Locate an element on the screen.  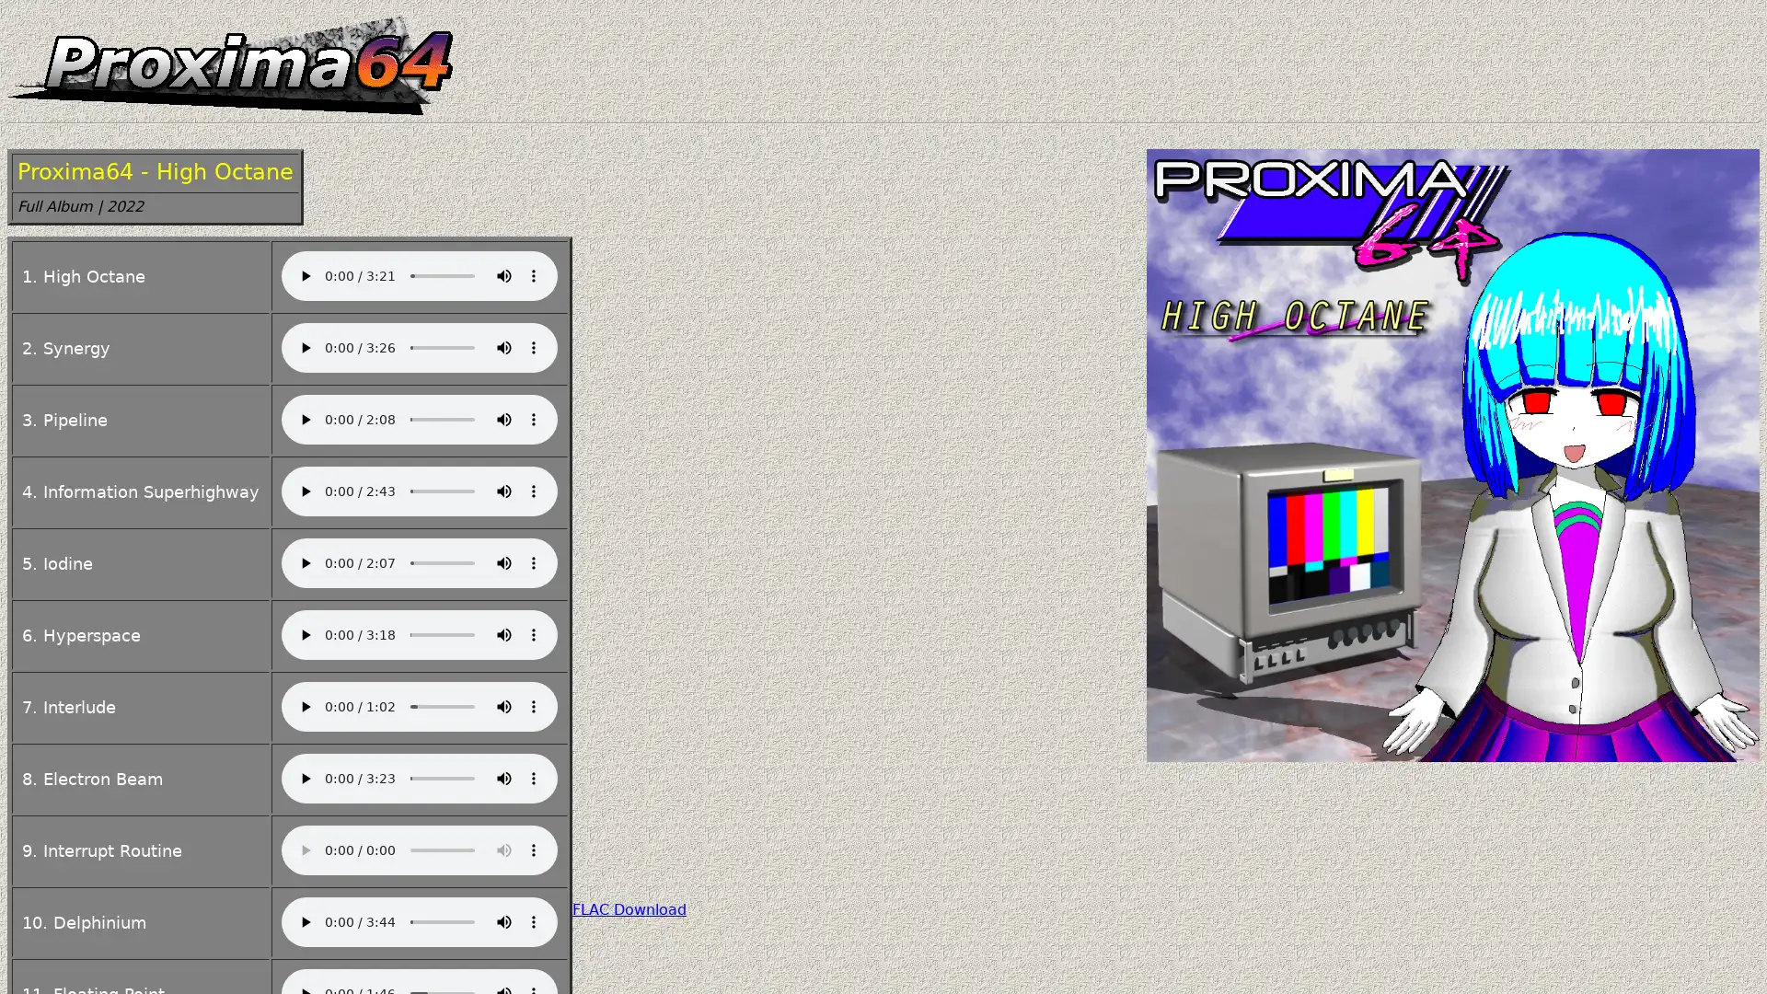
play is located at coordinates (305, 778).